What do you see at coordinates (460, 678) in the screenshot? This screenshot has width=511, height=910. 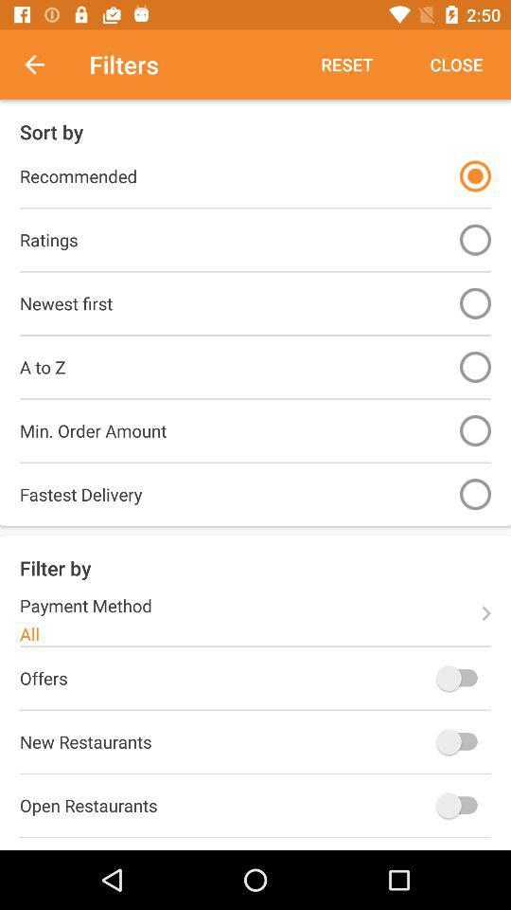 I see `offers` at bounding box center [460, 678].